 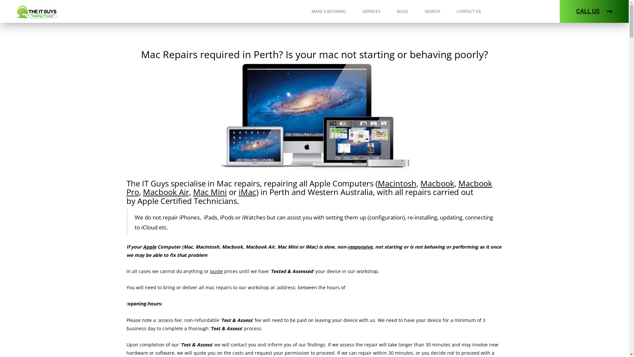 What do you see at coordinates (432, 11) in the screenshot?
I see `'SEARCH'` at bounding box center [432, 11].